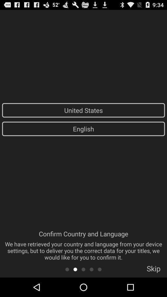  What do you see at coordinates (100, 269) in the screenshot?
I see `page five` at bounding box center [100, 269].